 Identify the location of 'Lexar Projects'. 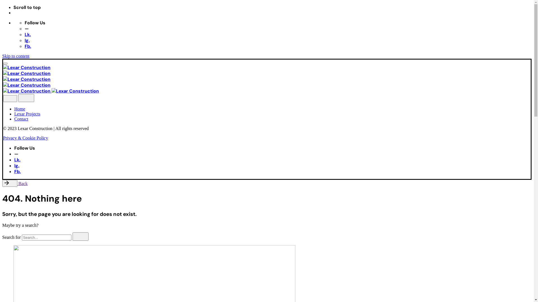
(14, 114).